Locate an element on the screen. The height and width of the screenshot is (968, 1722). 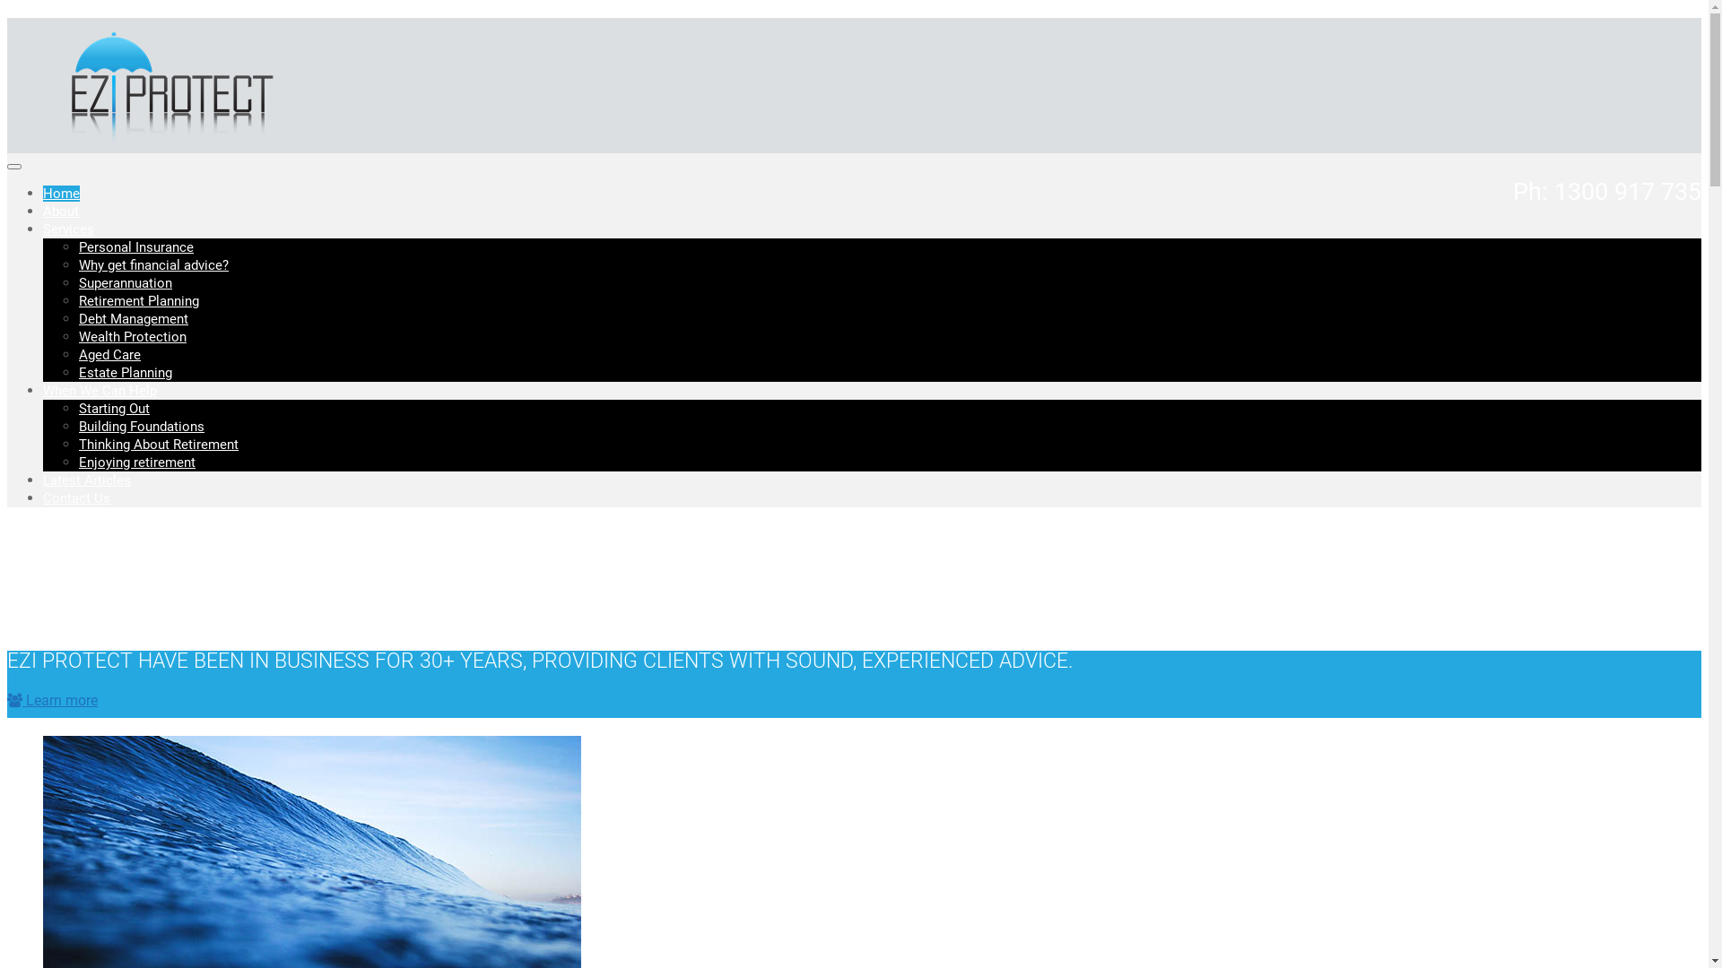
'About' is located at coordinates (60, 210).